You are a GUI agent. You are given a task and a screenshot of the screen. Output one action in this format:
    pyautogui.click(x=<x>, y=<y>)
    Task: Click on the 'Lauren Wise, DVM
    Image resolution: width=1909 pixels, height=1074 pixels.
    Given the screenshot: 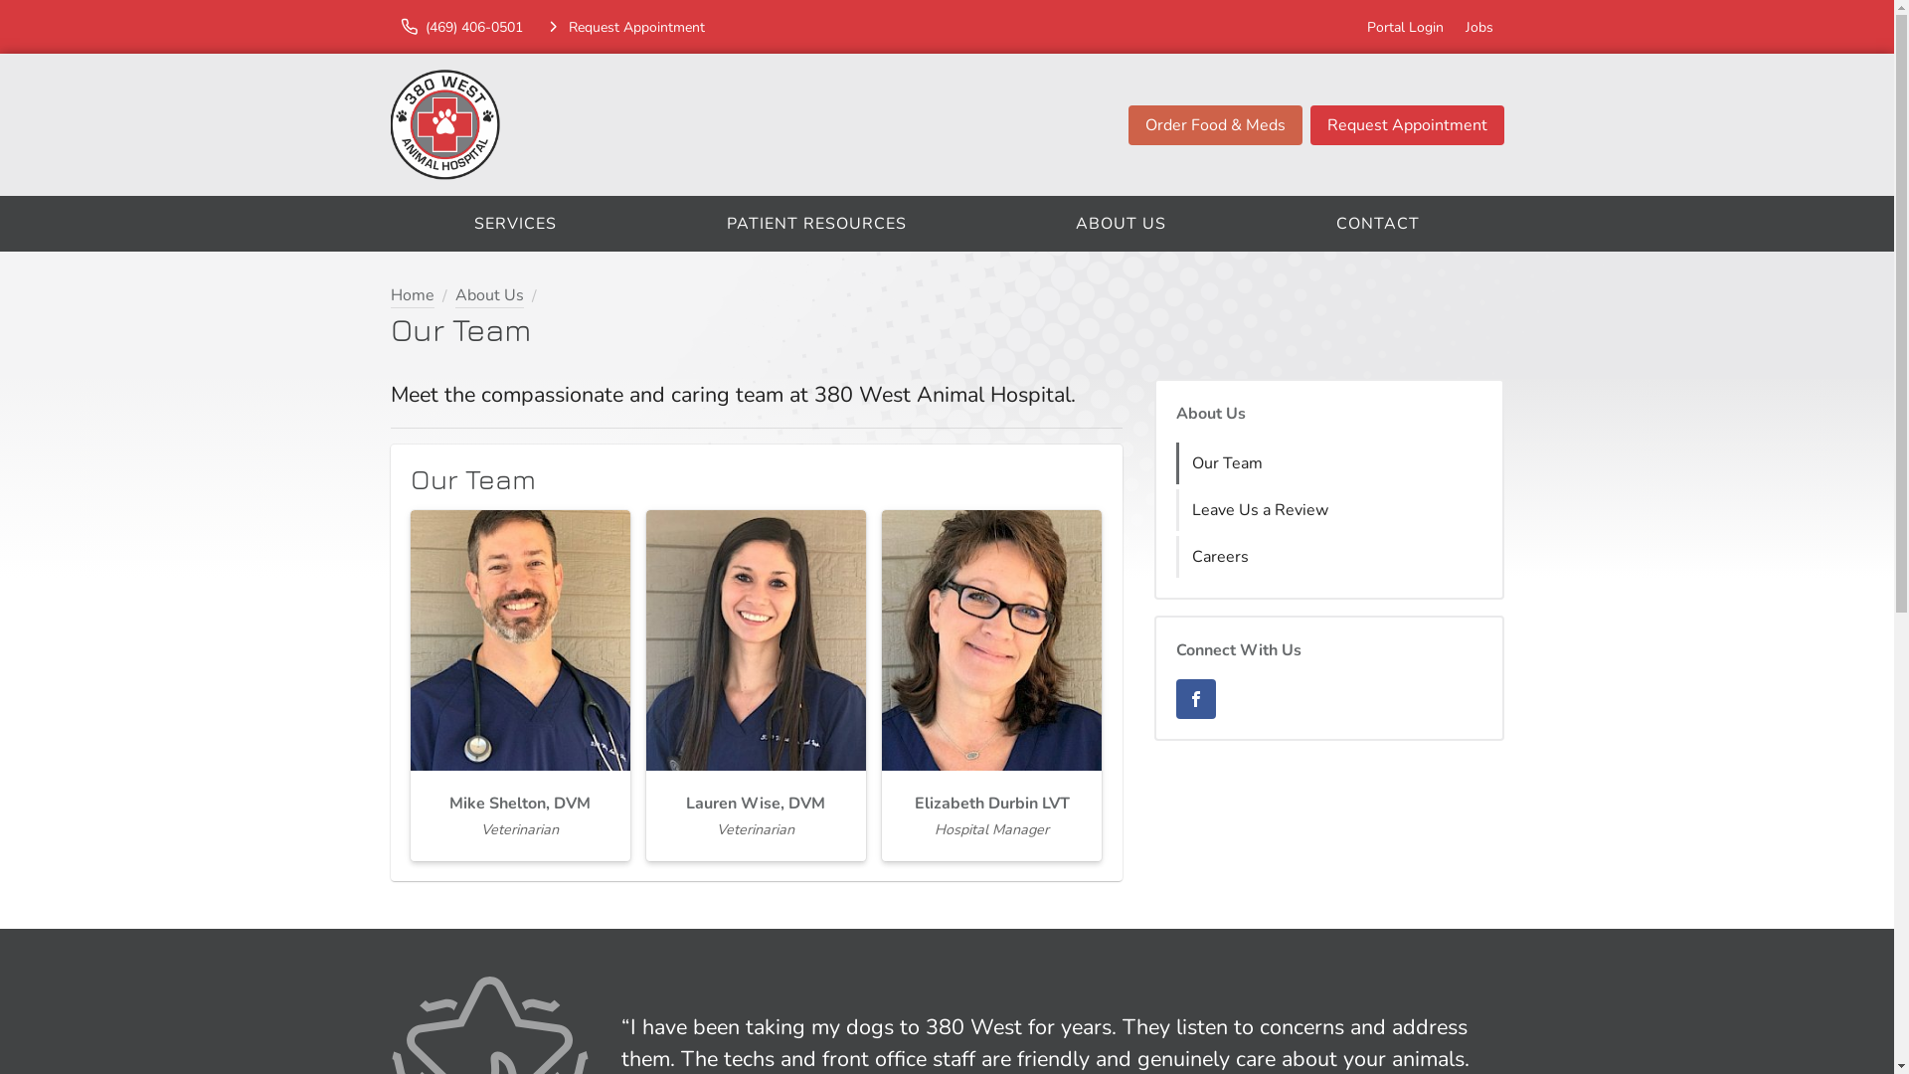 What is the action you would take?
    pyautogui.click(x=645, y=684)
    